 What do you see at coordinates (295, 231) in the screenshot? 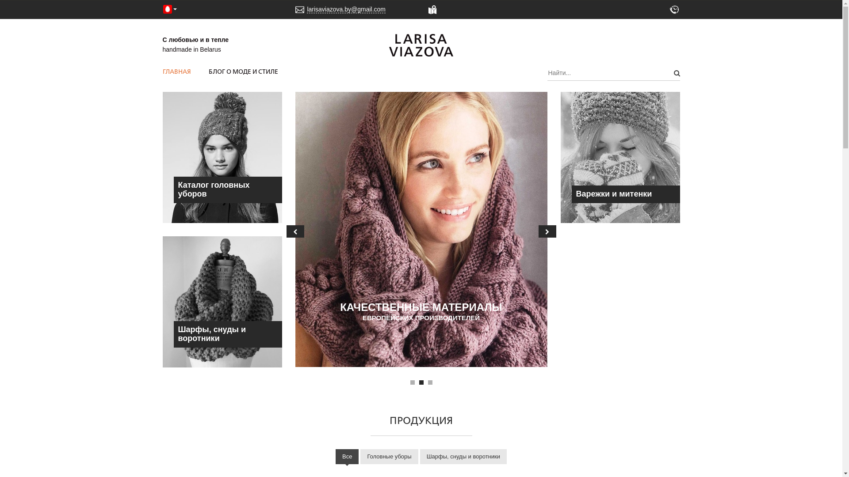
I see `'Previous'` at bounding box center [295, 231].